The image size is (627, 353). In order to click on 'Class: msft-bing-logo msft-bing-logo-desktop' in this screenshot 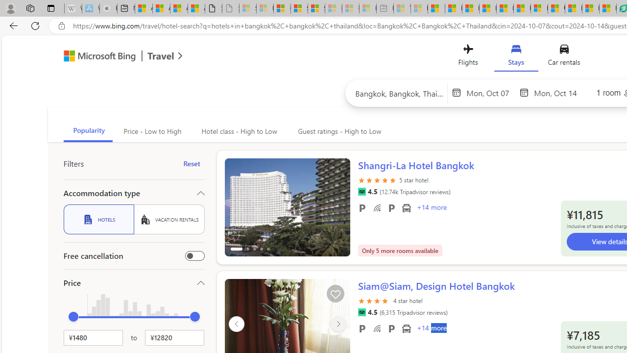, I will do `click(97, 56)`.